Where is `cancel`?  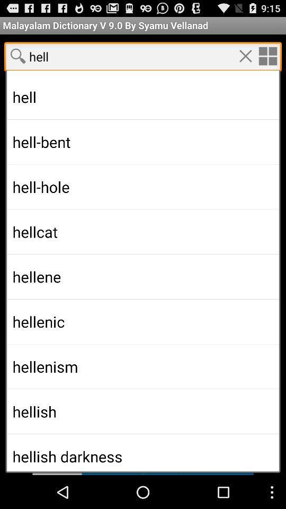 cancel is located at coordinates (245, 56).